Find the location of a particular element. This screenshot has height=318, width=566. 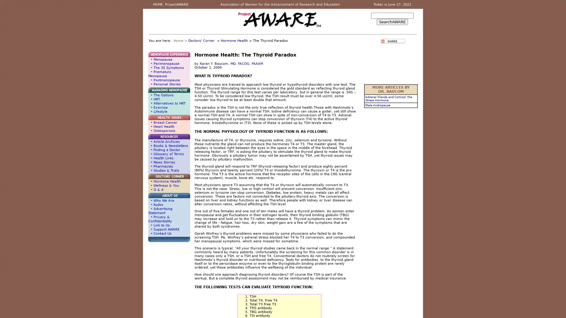

SearchAWARE is located at coordinates (392, 21).